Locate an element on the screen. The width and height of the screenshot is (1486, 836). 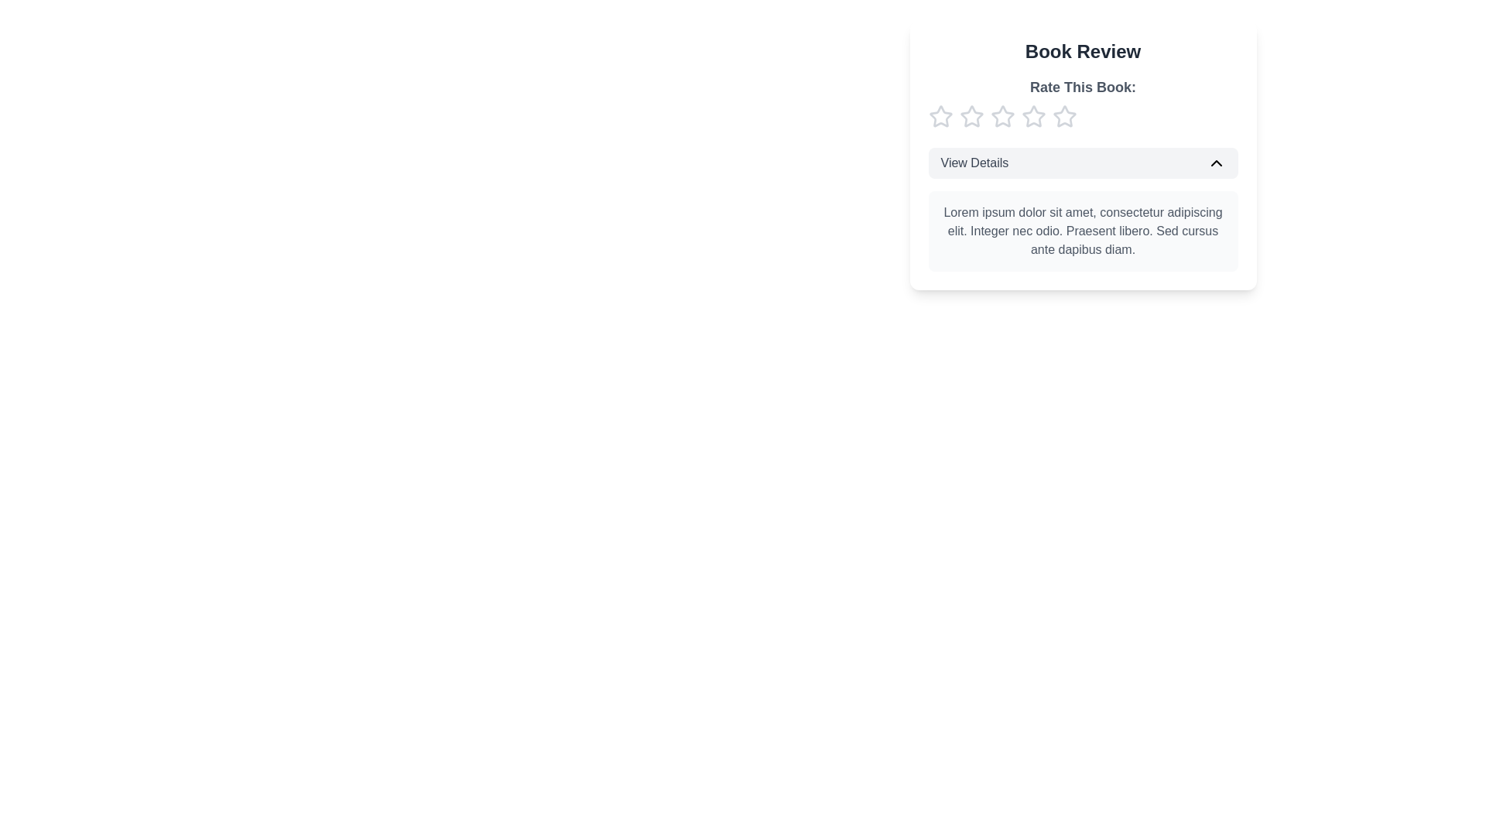
the fourth star icon in the rating widget is located at coordinates (1063, 115).